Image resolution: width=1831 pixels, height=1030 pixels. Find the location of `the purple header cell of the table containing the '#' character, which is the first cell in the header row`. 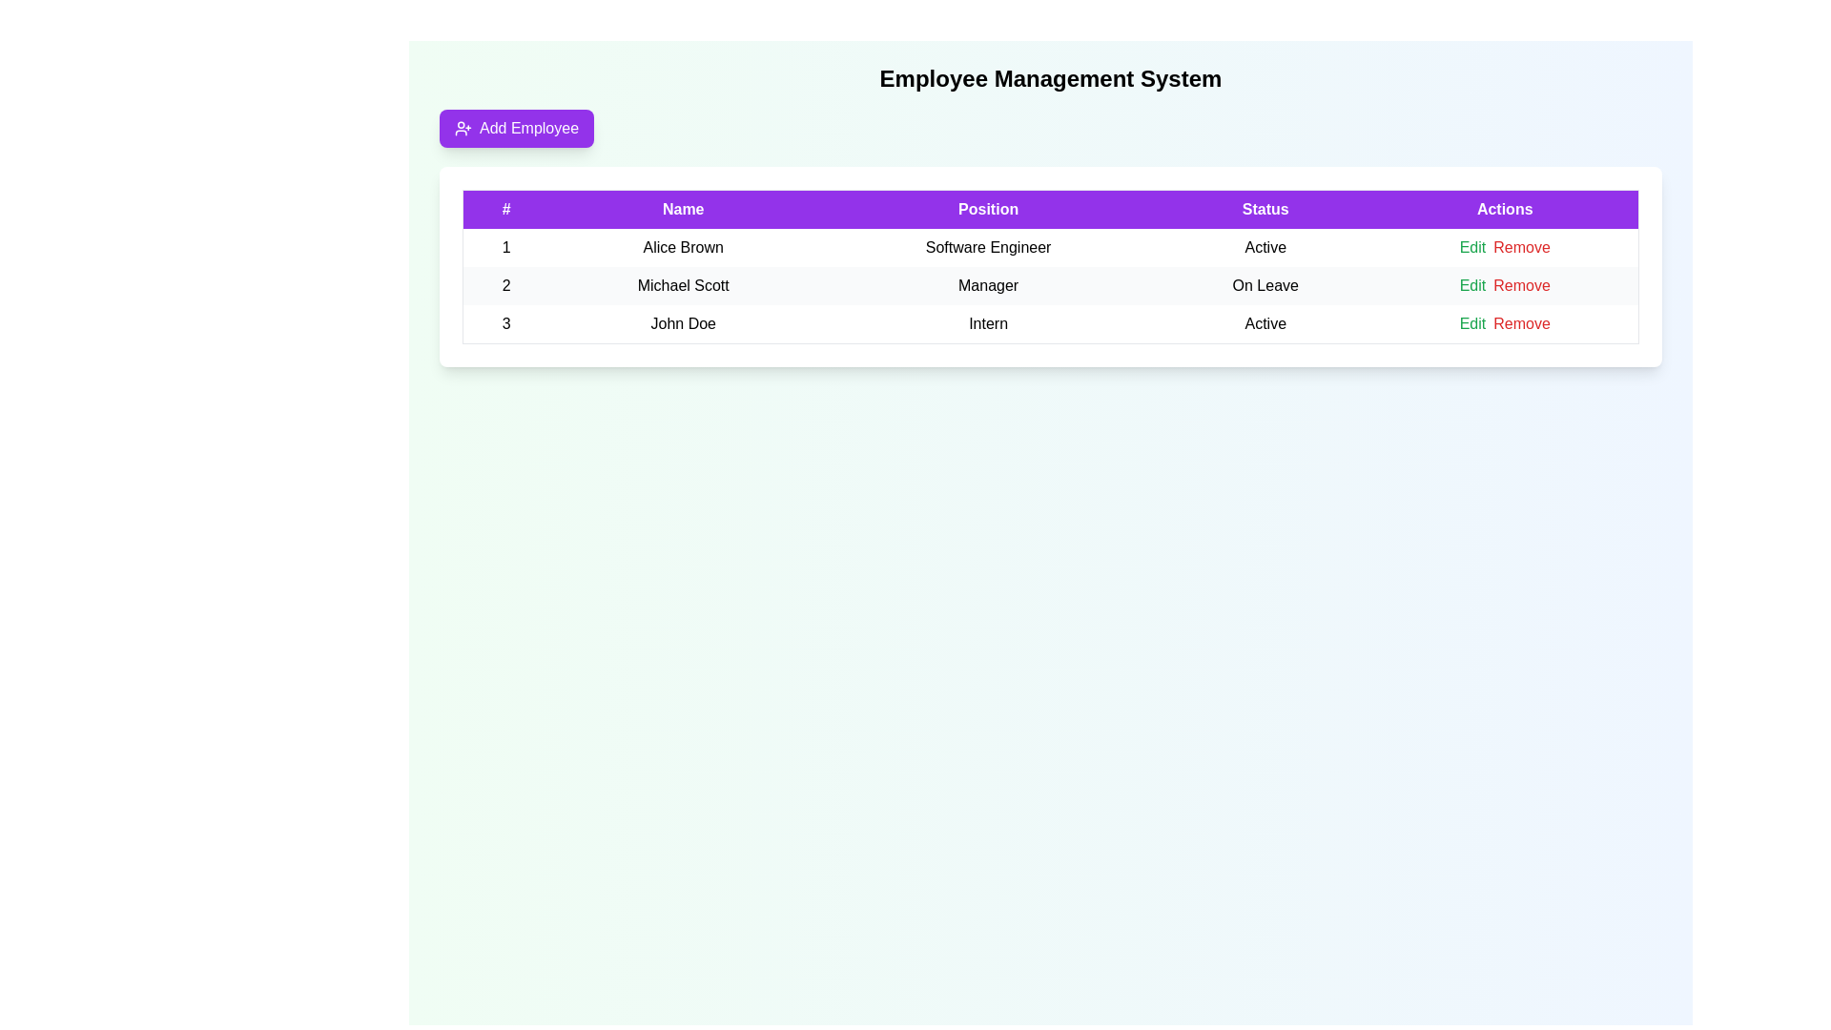

the purple header cell of the table containing the '#' character, which is the first cell in the header row is located at coordinates (505, 209).